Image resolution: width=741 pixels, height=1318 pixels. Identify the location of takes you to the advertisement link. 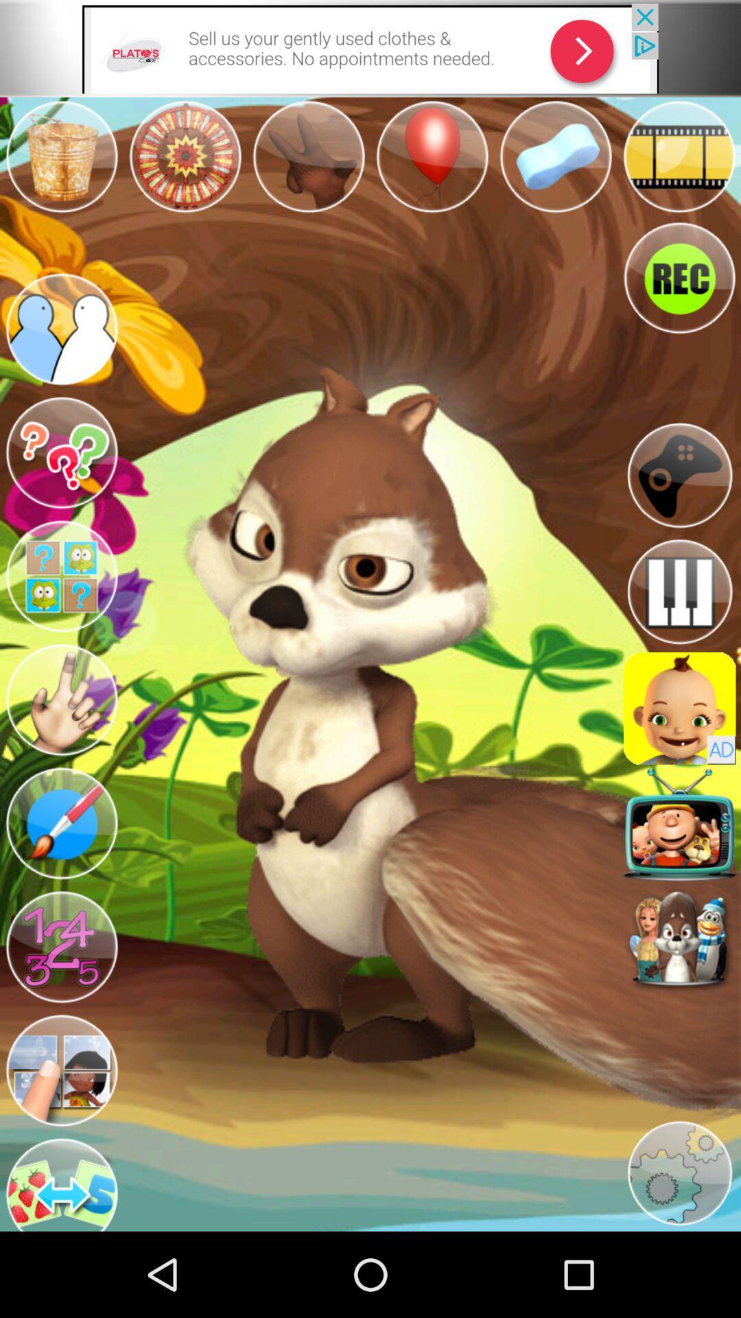
(370, 48).